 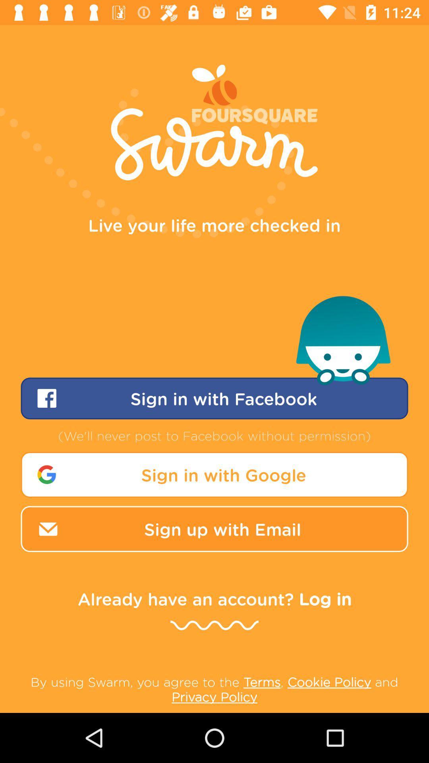 What do you see at coordinates (214, 689) in the screenshot?
I see `by using swarm item` at bounding box center [214, 689].